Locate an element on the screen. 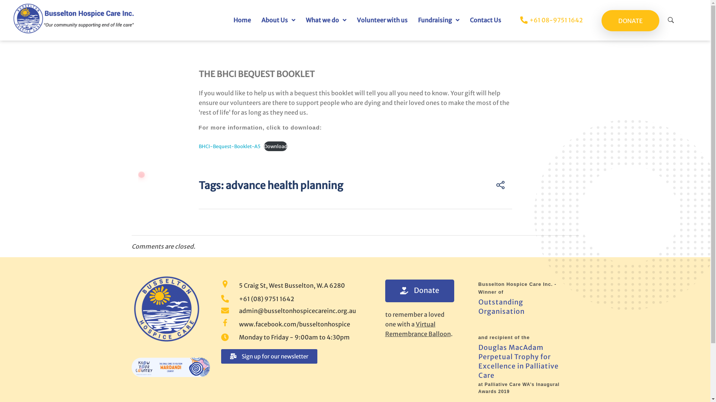 This screenshot has width=716, height=402. 'Donate' is located at coordinates (419, 290).